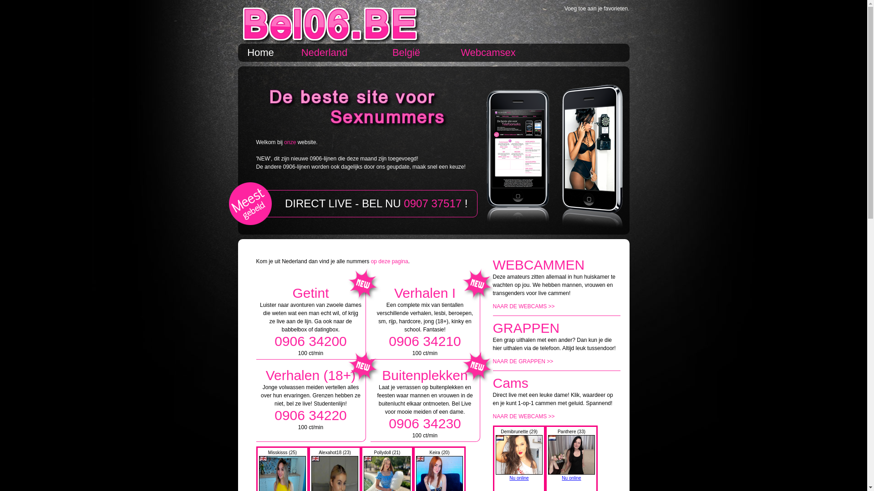 The height and width of the screenshot is (491, 874). Describe the element at coordinates (492, 361) in the screenshot. I see `'NAAR DE GRAPPEN >>'` at that location.